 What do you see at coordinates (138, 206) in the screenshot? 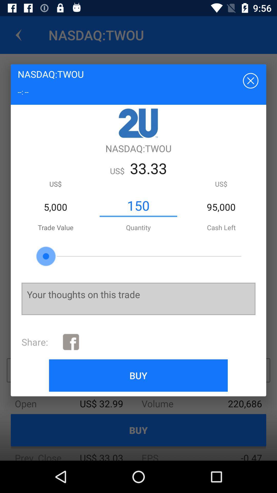
I see `icon to the left of the us$ icon` at bounding box center [138, 206].